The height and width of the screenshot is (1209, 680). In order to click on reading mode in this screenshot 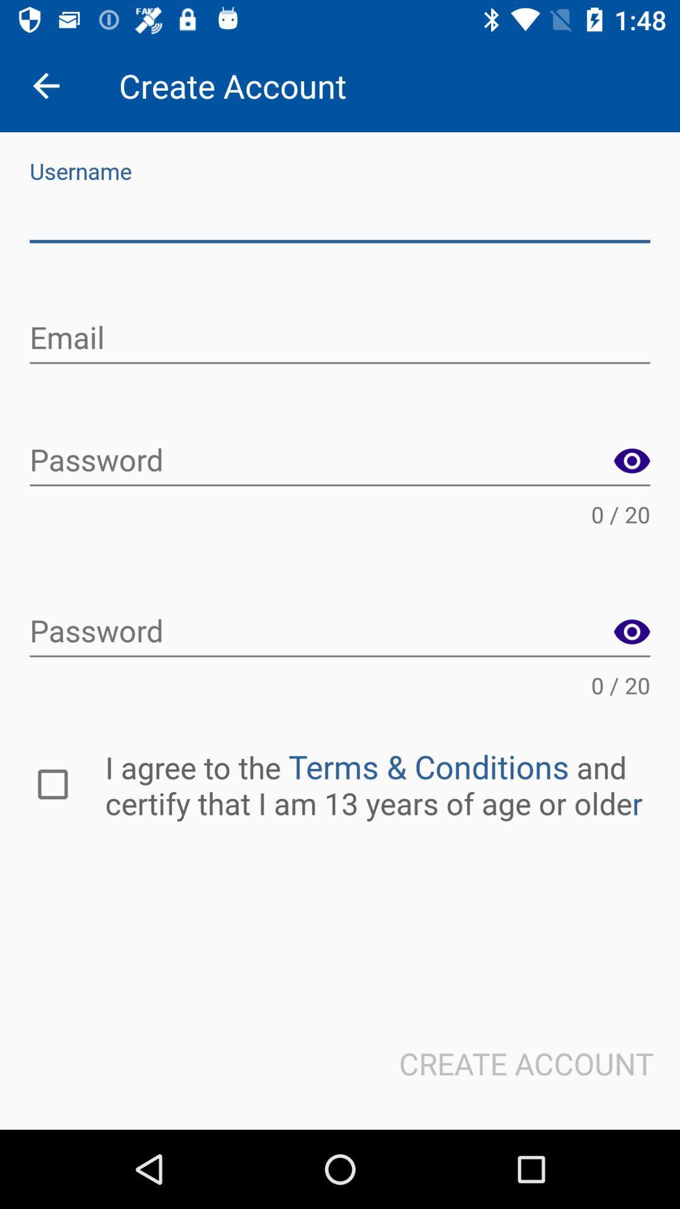, I will do `click(632, 461)`.